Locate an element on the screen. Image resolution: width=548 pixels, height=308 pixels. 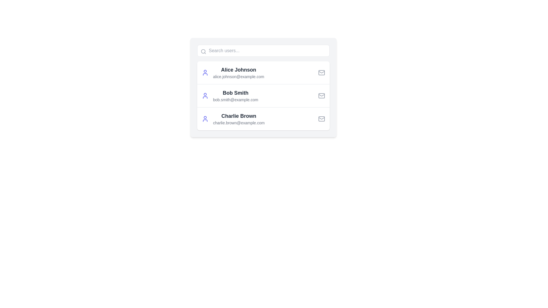
the mail icon, which is a small gray envelope located in the upper-right corner of the row containing 'Bob Smith' and 'bob.smith@example.com' is located at coordinates (321, 95).